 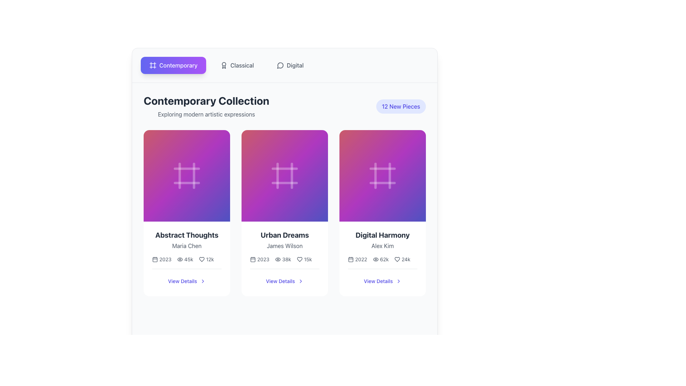 What do you see at coordinates (284, 259) in the screenshot?
I see `the metadata displayed in the Data display group located near the bottom of the 'Urban Dreams' card, just above the 'View Details' section` at bounding box center [284, 259].